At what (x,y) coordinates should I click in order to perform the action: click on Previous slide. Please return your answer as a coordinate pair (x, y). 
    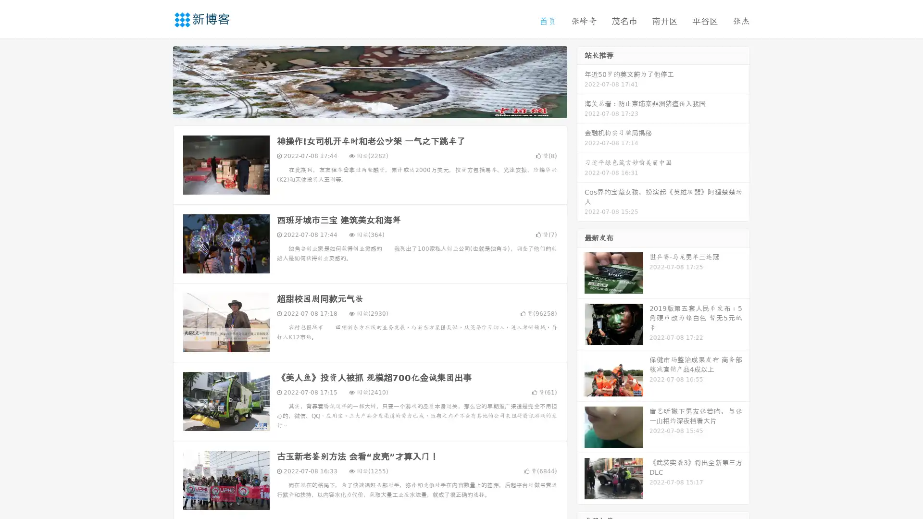
    Looking at the image, I should click on (159, 81).